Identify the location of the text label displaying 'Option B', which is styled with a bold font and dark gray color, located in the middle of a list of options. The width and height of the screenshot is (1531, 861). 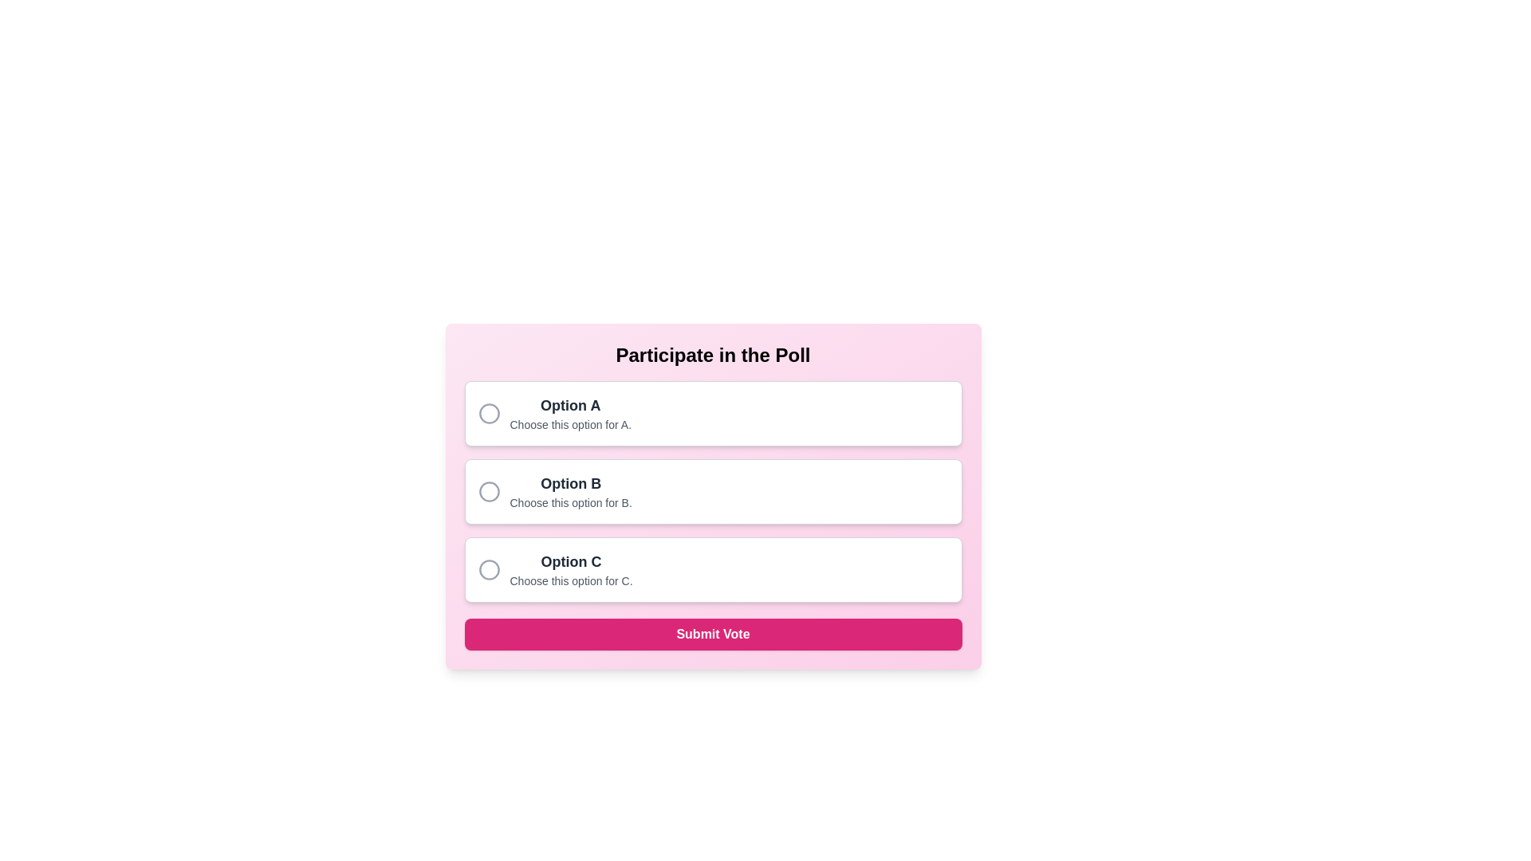
(571, 482).